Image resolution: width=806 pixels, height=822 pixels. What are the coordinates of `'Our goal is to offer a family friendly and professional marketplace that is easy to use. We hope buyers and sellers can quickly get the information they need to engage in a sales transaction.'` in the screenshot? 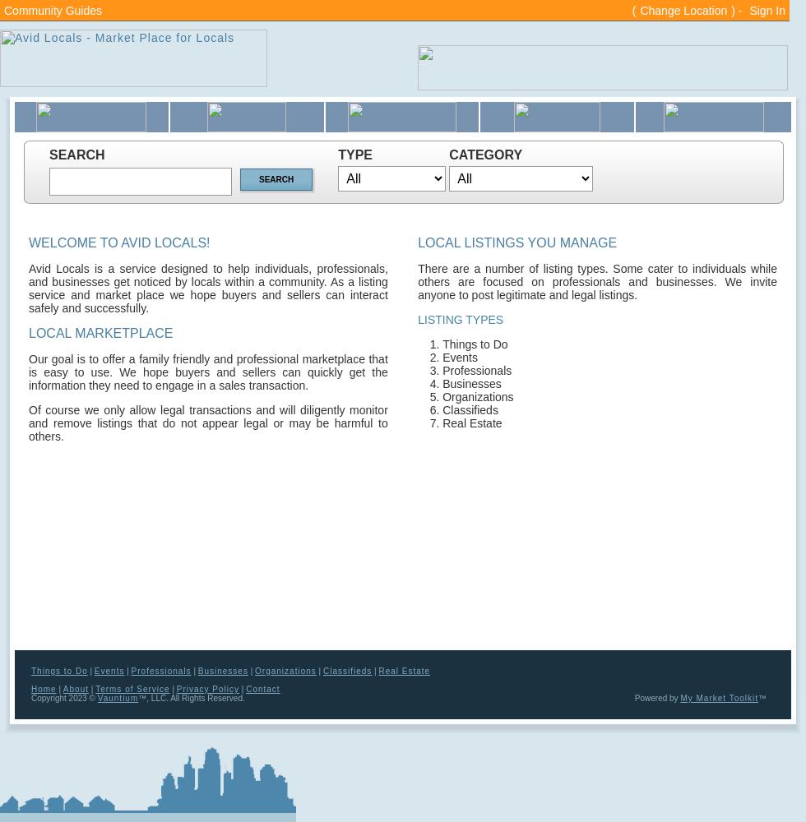 It's located at (208, 372).